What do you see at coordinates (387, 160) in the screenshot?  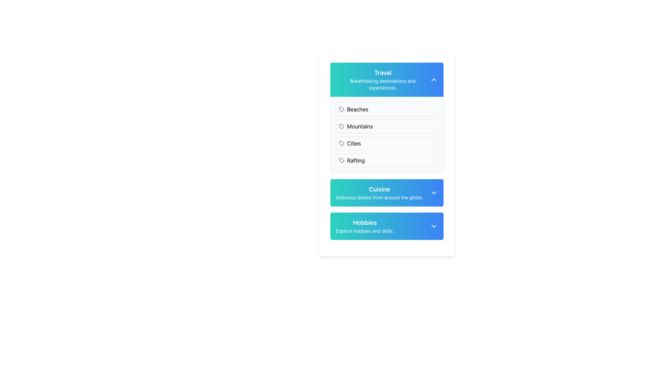 I see `the 'Rafting' button, which is a horizontal rectangular button with rounded corners located in the 'Travel' section` at bounding box center [387, 160].